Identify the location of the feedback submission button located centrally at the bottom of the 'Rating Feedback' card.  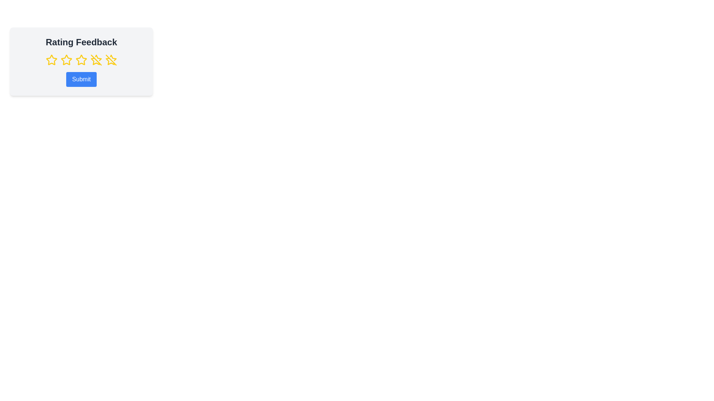
(81, 79).